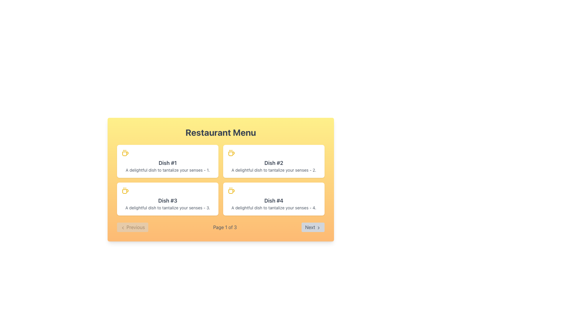  What do you see at coordinates (318, 227) in the screenshot?
I see `the 'Next' button icon located at the bottom-right corner of the interface, which visually indicates the 'Next' action` at bounding box center [318, 227].